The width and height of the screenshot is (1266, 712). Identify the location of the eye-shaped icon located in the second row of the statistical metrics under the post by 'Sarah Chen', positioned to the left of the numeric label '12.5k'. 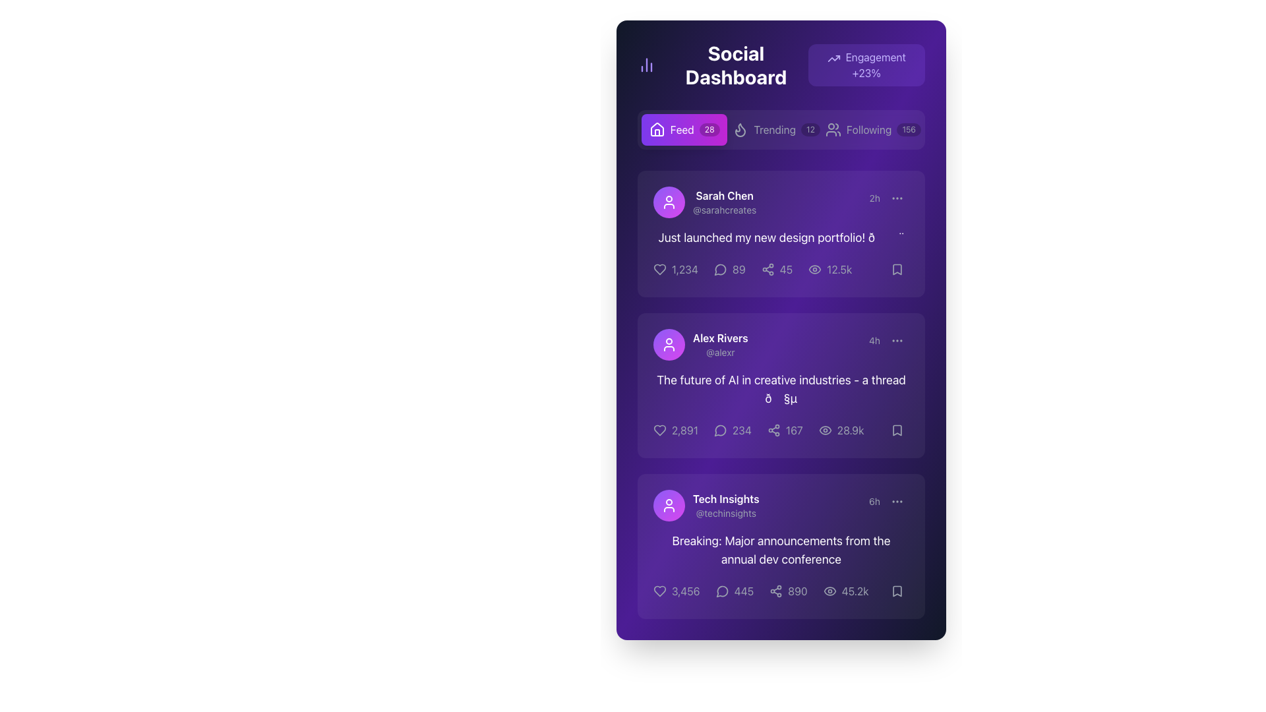
(814, 268).